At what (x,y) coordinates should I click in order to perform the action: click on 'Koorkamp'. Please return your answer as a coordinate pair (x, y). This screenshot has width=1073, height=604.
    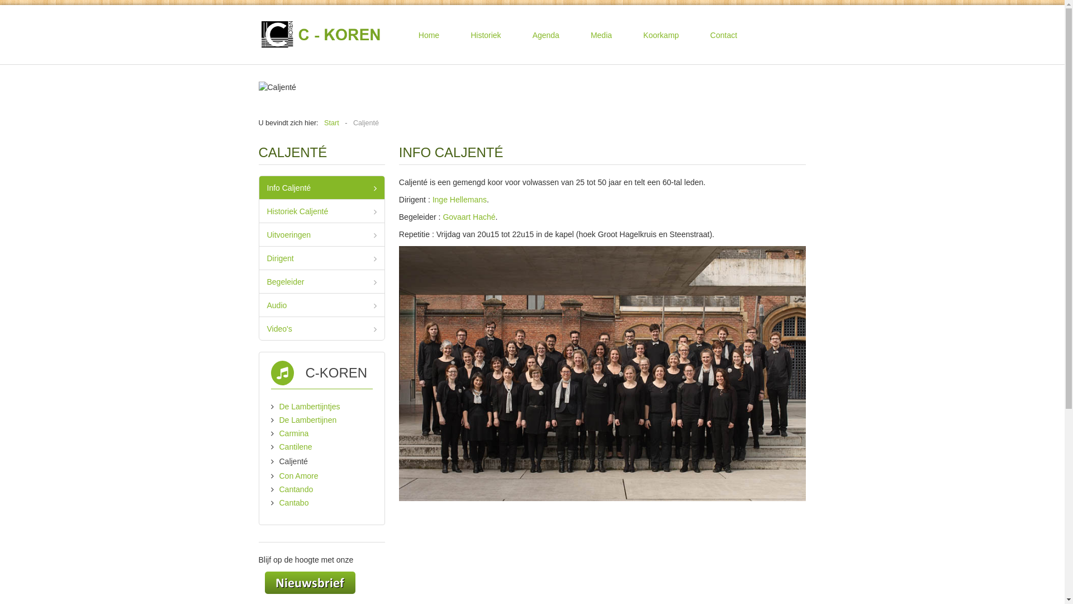
    Looking at the image, I should click on (661, 34).